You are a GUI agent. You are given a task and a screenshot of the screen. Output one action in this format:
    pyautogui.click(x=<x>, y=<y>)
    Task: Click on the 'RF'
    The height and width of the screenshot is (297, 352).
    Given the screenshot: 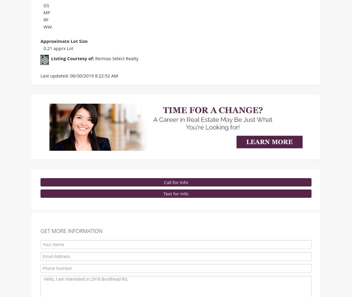 What is the action you would take?
    pyautogui.click(x=46, y=20)
    